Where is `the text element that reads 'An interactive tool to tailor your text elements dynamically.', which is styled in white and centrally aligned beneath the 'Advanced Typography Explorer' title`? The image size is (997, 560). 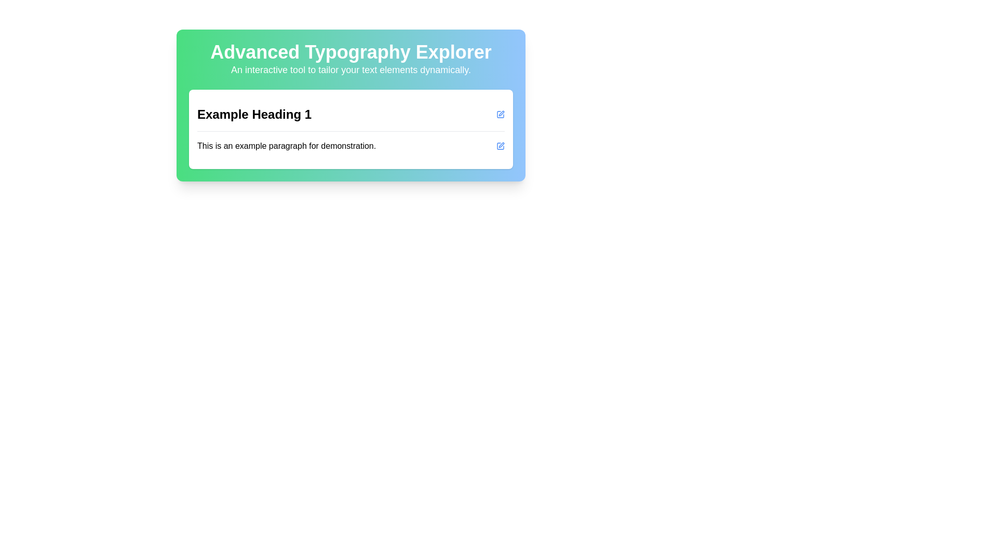
the text element that reads 'An interactive tool to tailor your text elements dynamically.', which is styled in white and centrally aligned beneath the 'Advanced Typography Explorer' title is located at coordinates (351, 70).